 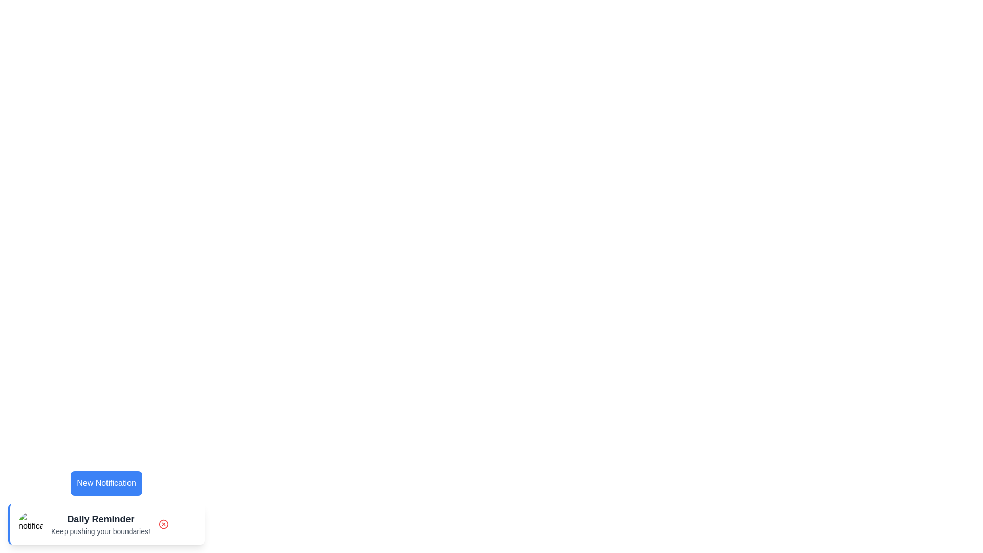 I want to click on the close button located next to the notification to dismiss it, so click(x=163, y=524).